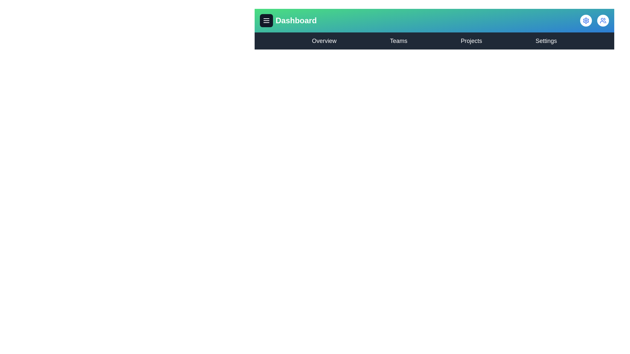  Describe the element at coordinates (398, 41) in the screenshot. I see `the Teams navigation link` at that location.